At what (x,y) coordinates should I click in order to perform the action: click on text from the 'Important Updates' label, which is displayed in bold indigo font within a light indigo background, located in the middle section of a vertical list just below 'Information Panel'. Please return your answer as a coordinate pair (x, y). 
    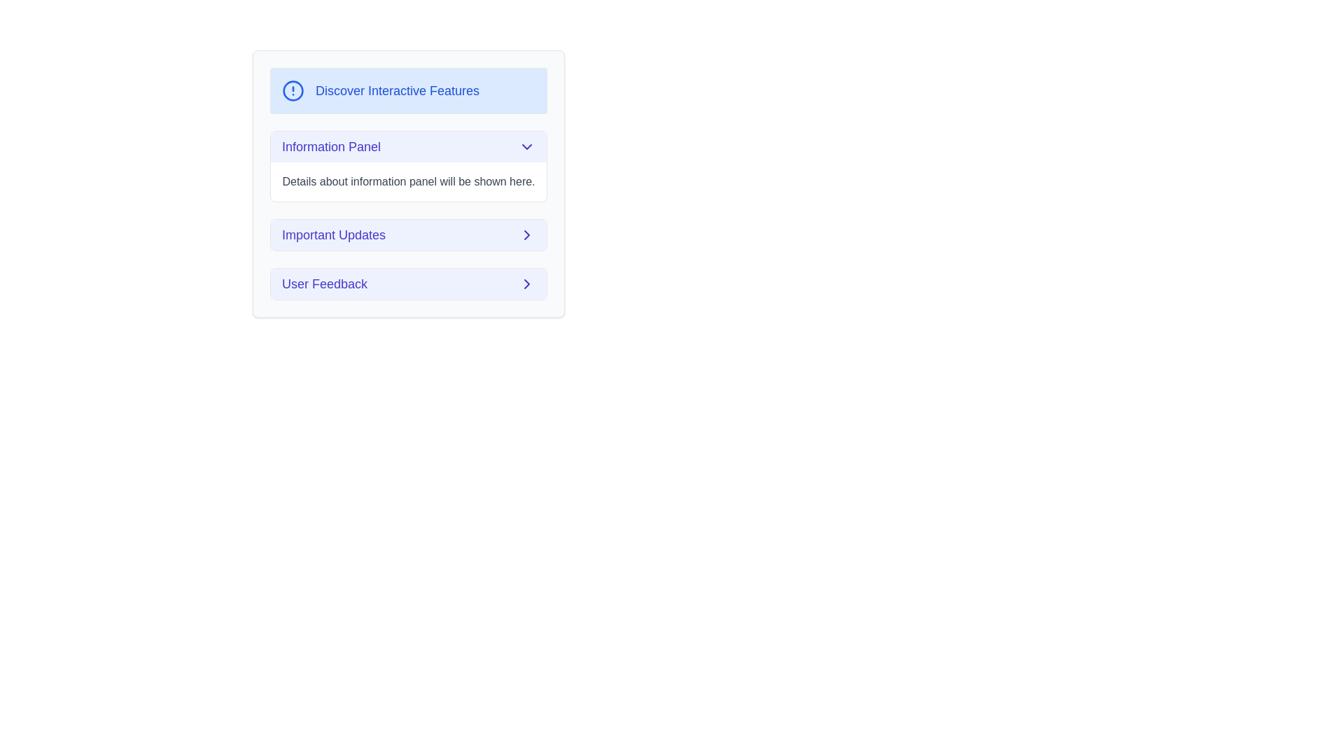
    Looking at the image, I should click on (333, 234).